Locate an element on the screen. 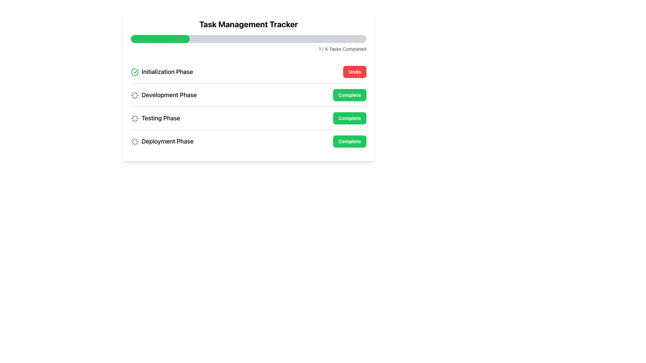 The height and width of the screenshot is (363, 646). the text label indicating the current phase of a task or project, which is the third item in a vertical list on the task management dashboard, positioned below 'Development Phase' and above 'Deployment Phase' is located at coordinates (155, 118).